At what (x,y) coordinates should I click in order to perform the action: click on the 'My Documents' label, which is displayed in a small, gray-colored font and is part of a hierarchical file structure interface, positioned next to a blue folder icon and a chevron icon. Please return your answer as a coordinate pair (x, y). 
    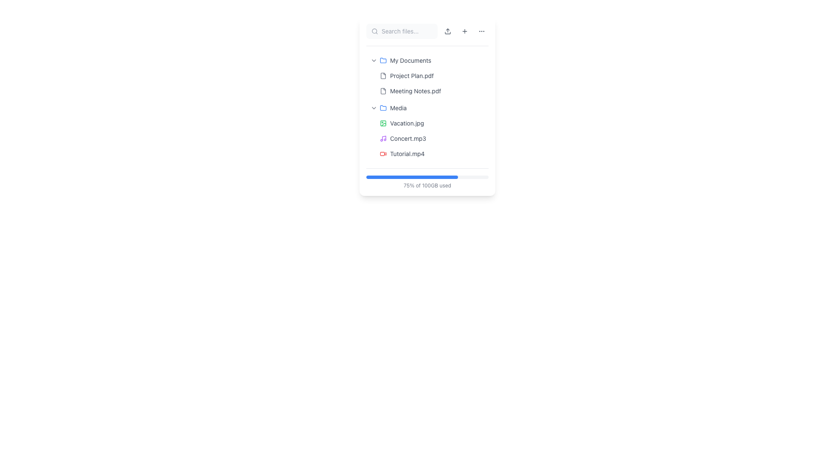
    Looking at the image, I should click on (410, 60).